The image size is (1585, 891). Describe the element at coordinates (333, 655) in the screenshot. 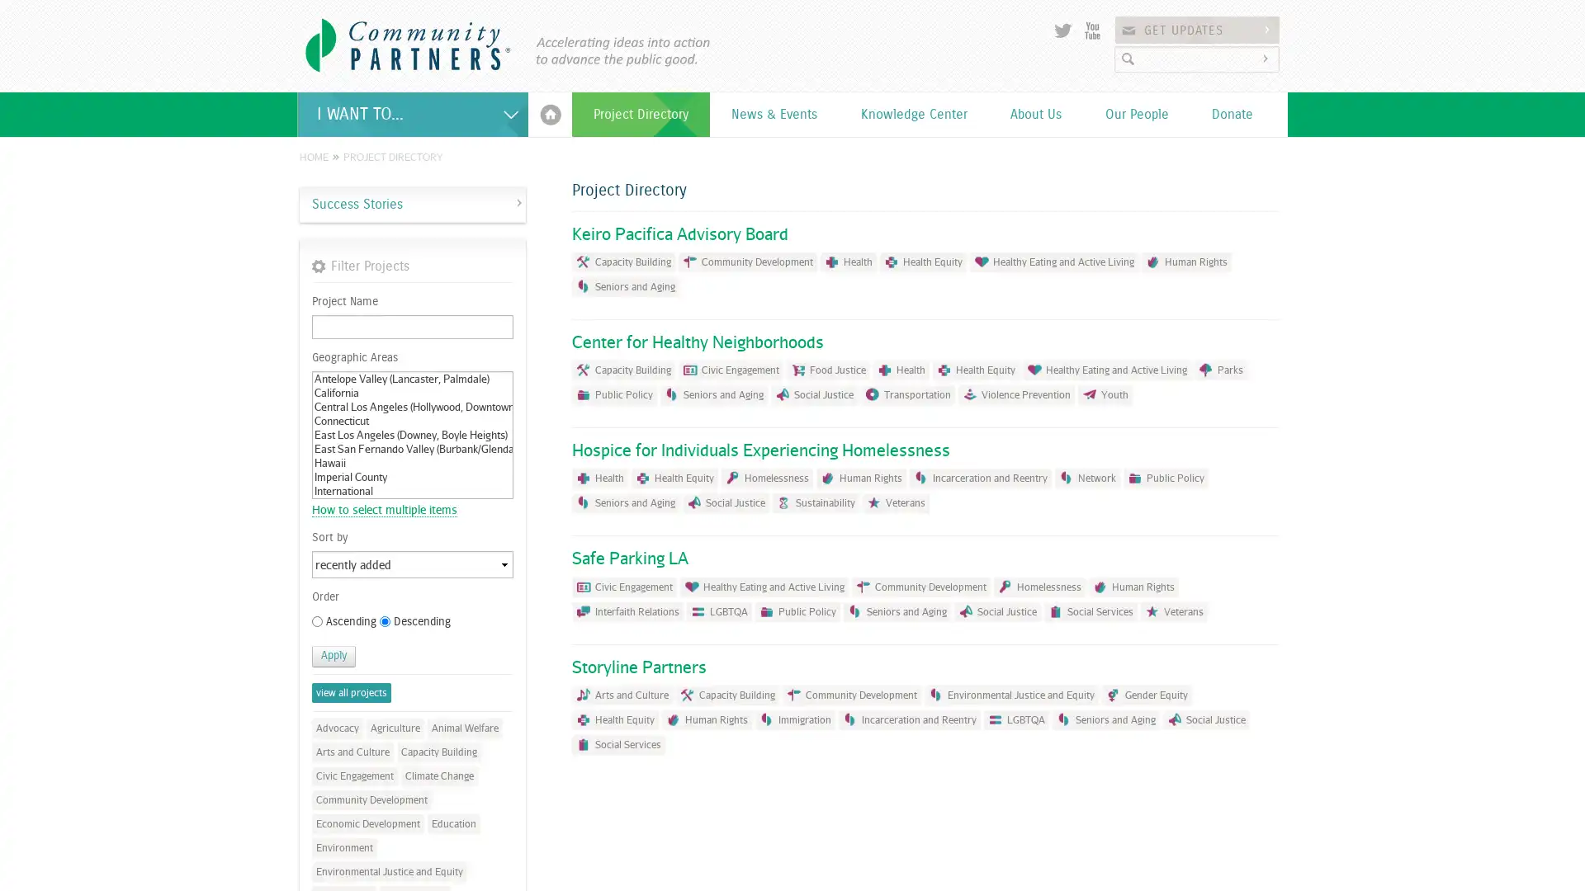

I see `Apply` at that location.